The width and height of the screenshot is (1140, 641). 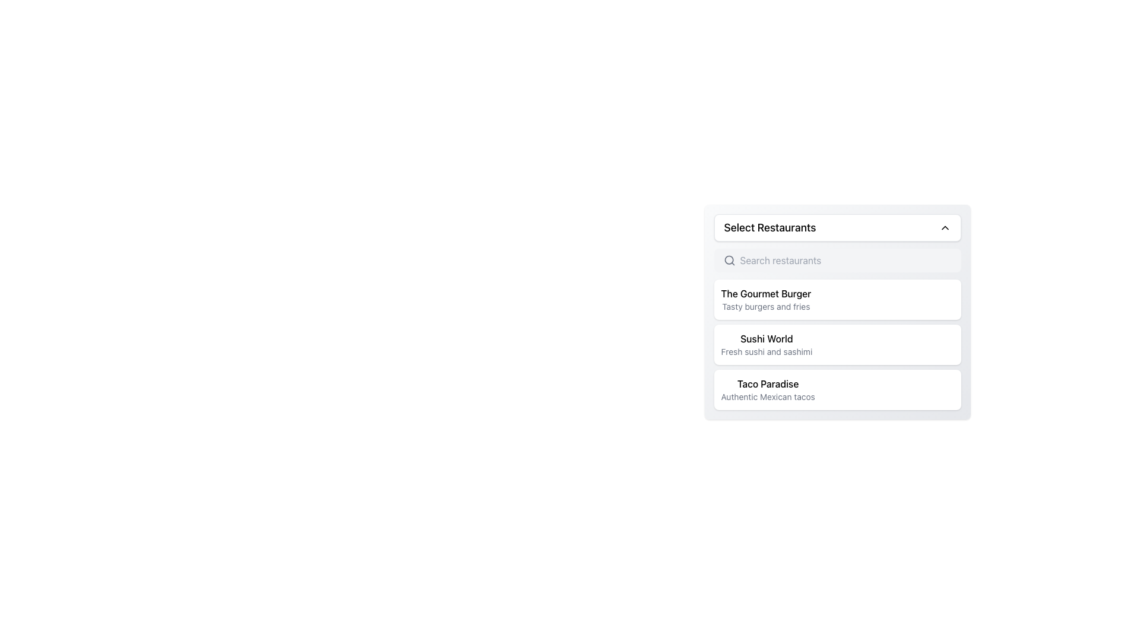 I want to click on the Dropdown Trigger Button labeled 'Select Restaurants', so click(x=837, y=228).